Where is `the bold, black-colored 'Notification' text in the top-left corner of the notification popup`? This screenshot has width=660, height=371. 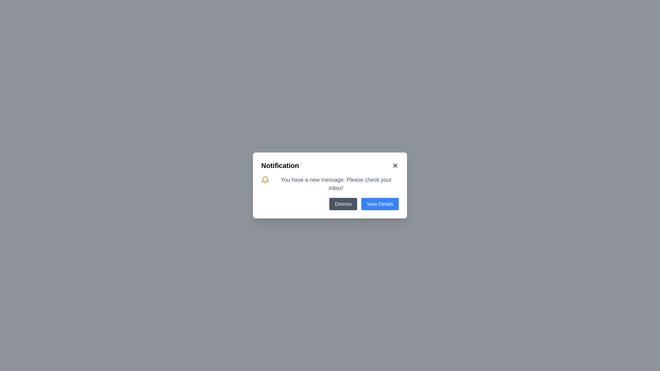 the bold, black-colored 'Notification' text in the top-left corner of the notification popup is located at coordinates (280, 166).